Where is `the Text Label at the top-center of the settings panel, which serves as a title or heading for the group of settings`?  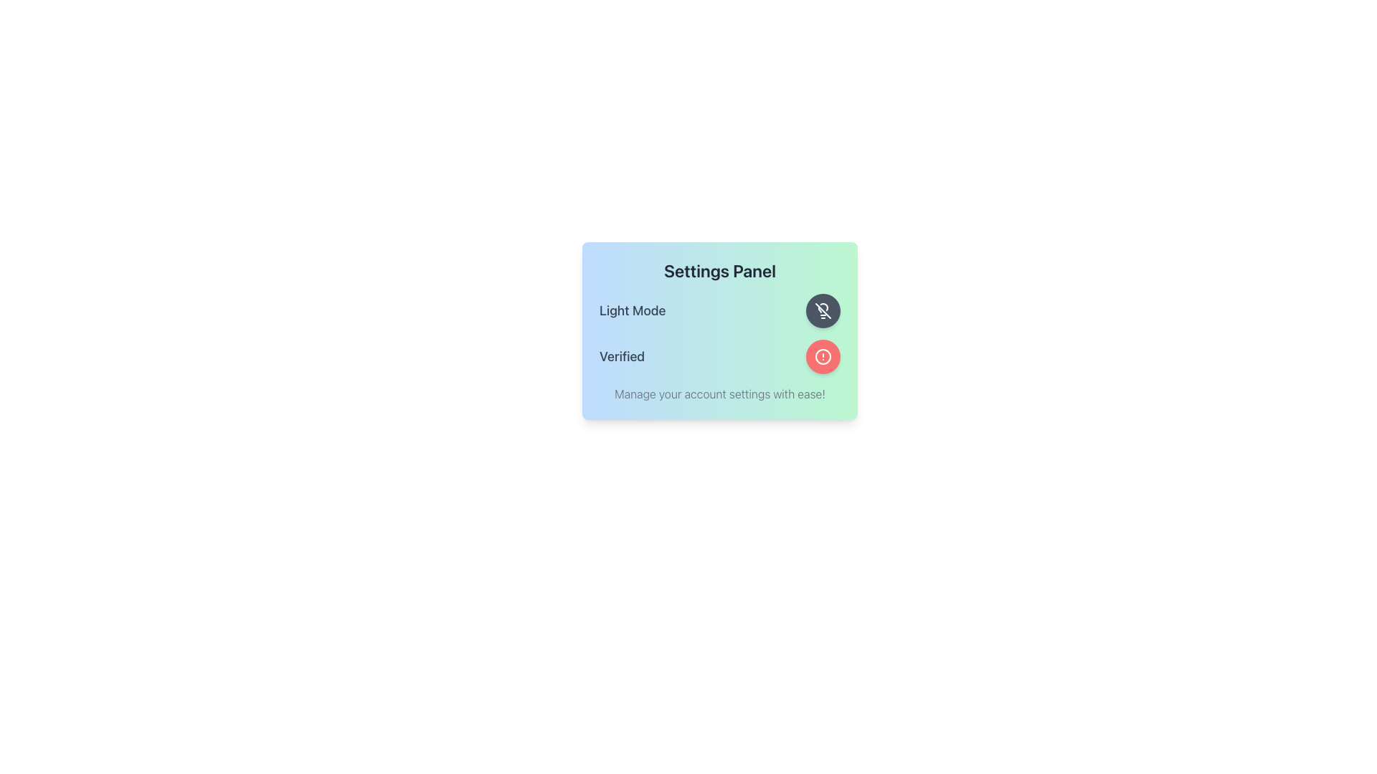
the Text Label at the top-center of the settings panel, which serves as a title or heading for the group of settings is located at coordinates (719, 271).